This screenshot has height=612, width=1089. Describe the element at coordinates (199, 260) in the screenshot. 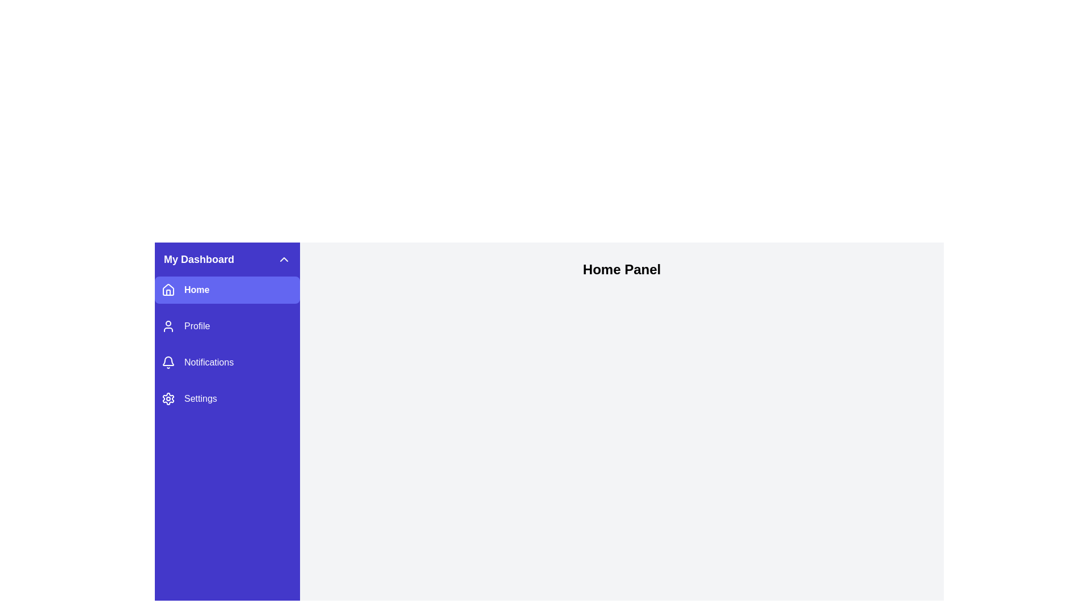

I see `the 'My Dashboard' text label, which is a large, bold label on a vibrant purple background located in the upper-left corner of the side navigation menu` at that location.